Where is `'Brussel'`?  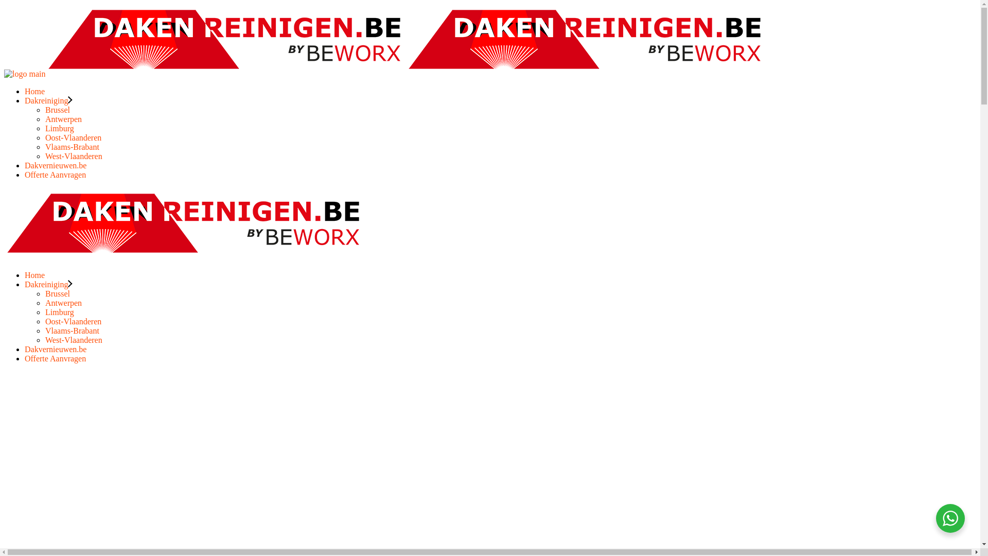 'Brussel' is located at coordinates (57, 293).